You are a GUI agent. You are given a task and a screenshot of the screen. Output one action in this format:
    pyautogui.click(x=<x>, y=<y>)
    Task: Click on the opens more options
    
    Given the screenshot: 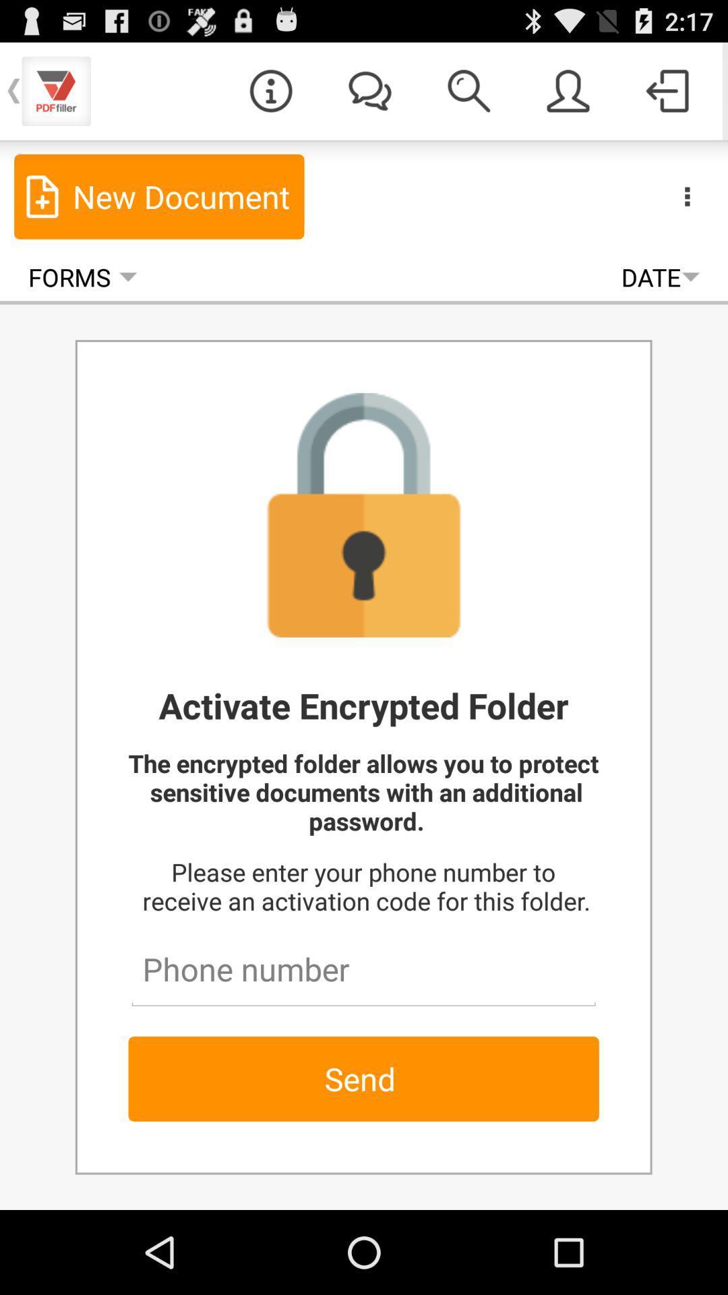 What is the action you would take?
    pyautogui.click(x=687, y=196)
    